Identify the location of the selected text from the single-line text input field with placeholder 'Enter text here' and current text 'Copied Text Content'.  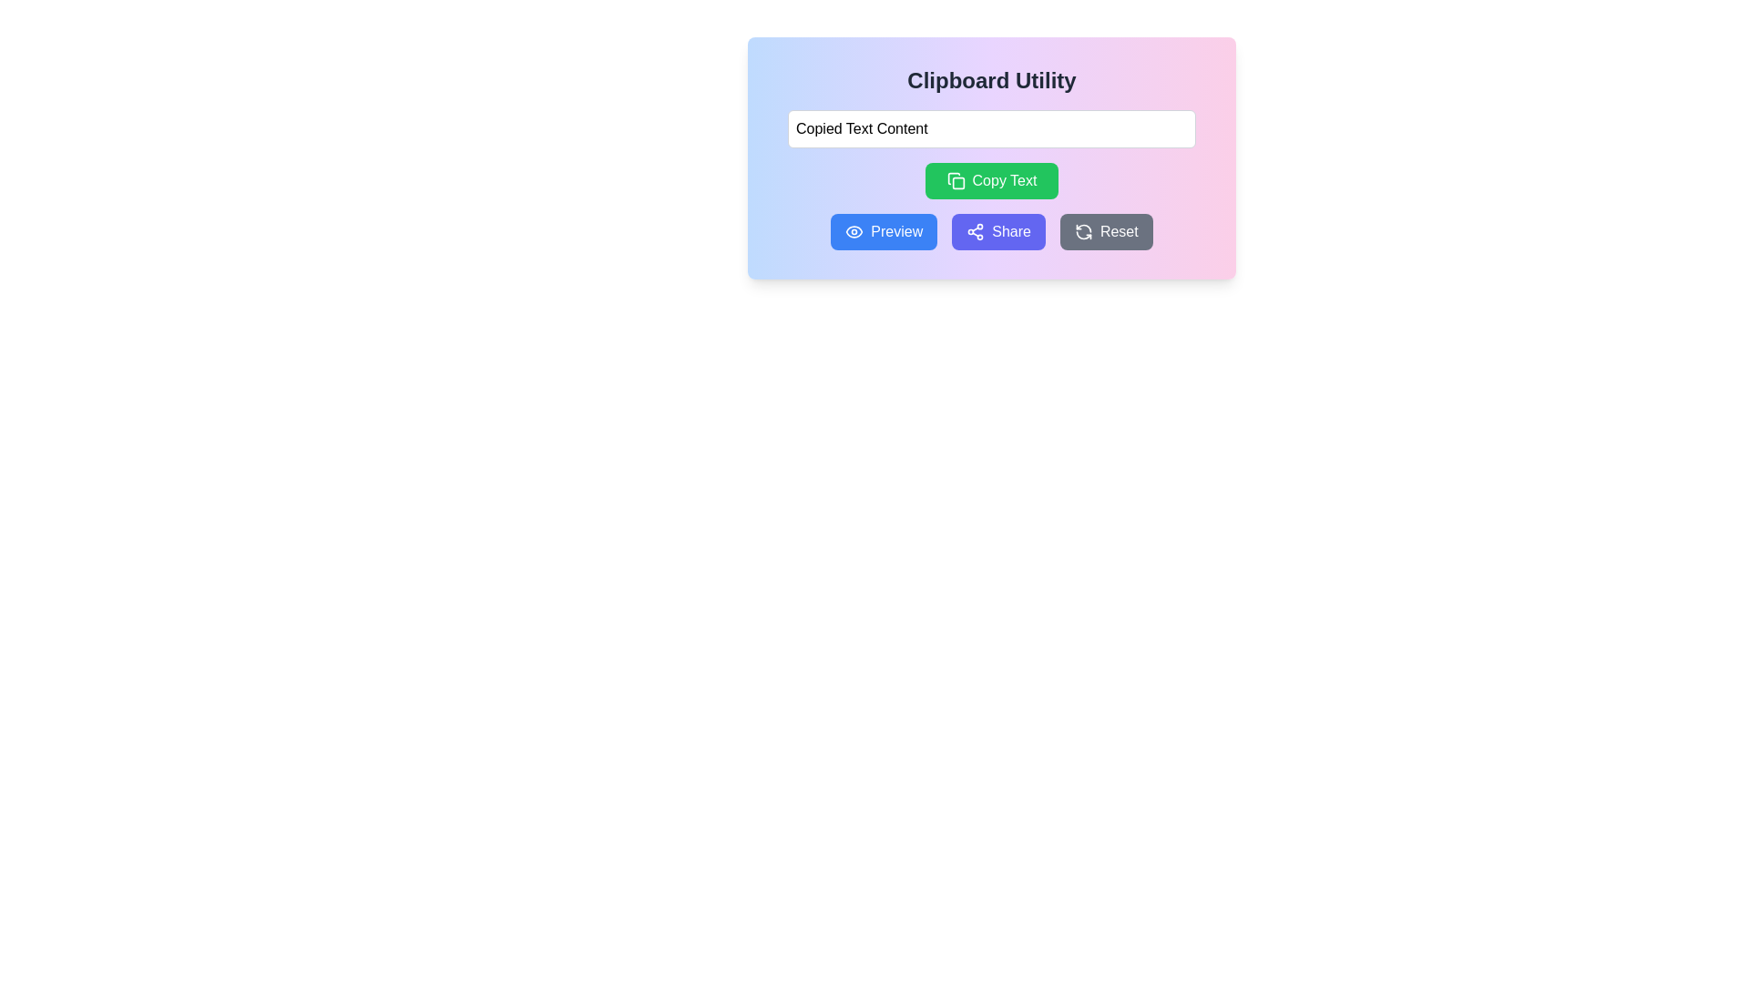
(991, 128).